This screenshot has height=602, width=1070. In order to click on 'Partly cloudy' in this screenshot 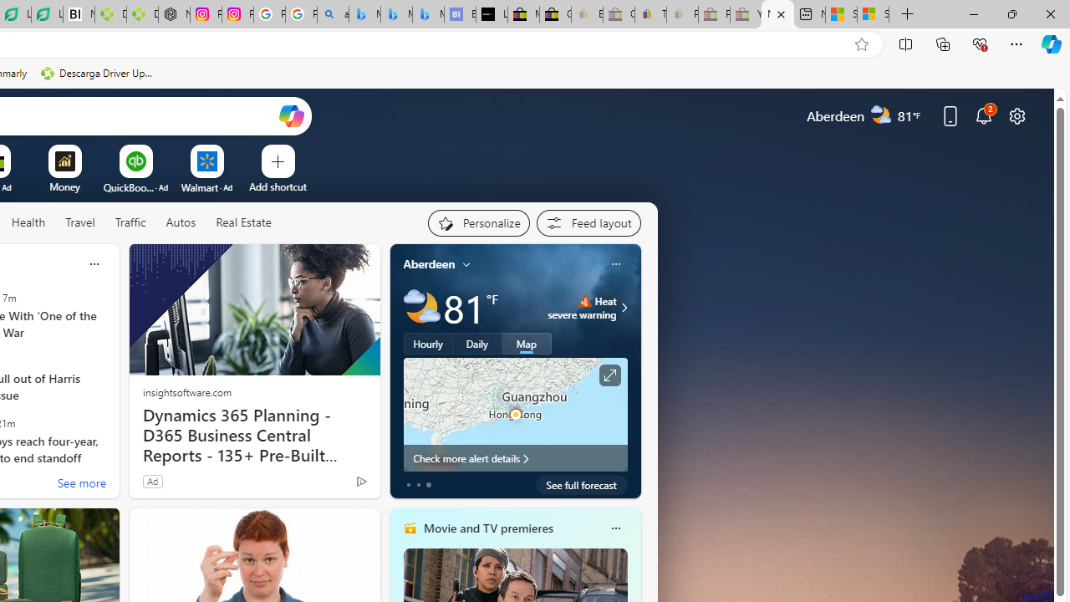, I will do `click(421, 308)`.